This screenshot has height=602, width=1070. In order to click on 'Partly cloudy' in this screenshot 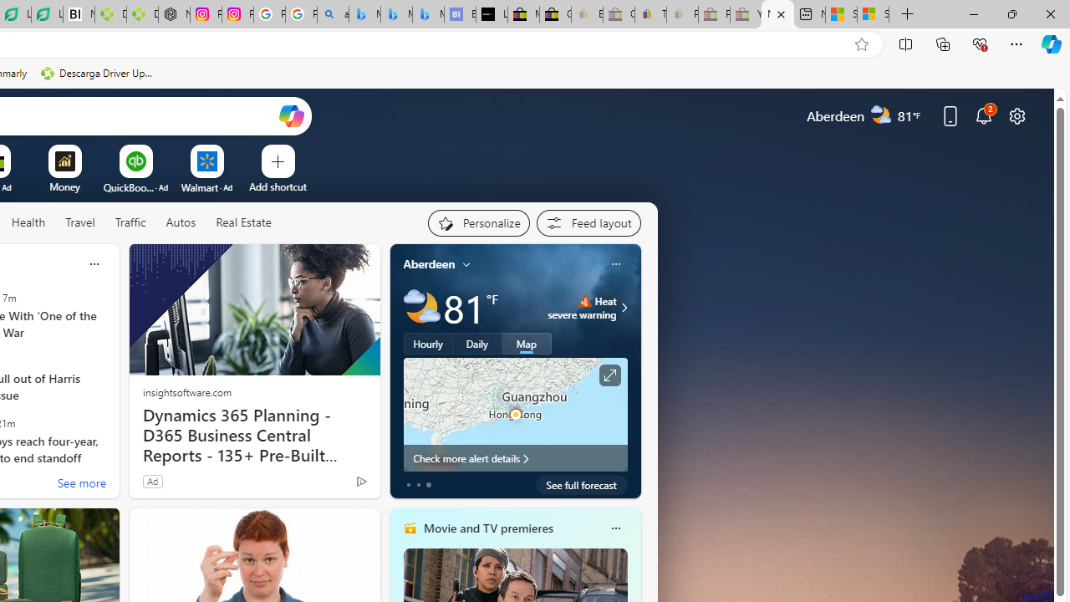, I will do `click(421, 308)`.